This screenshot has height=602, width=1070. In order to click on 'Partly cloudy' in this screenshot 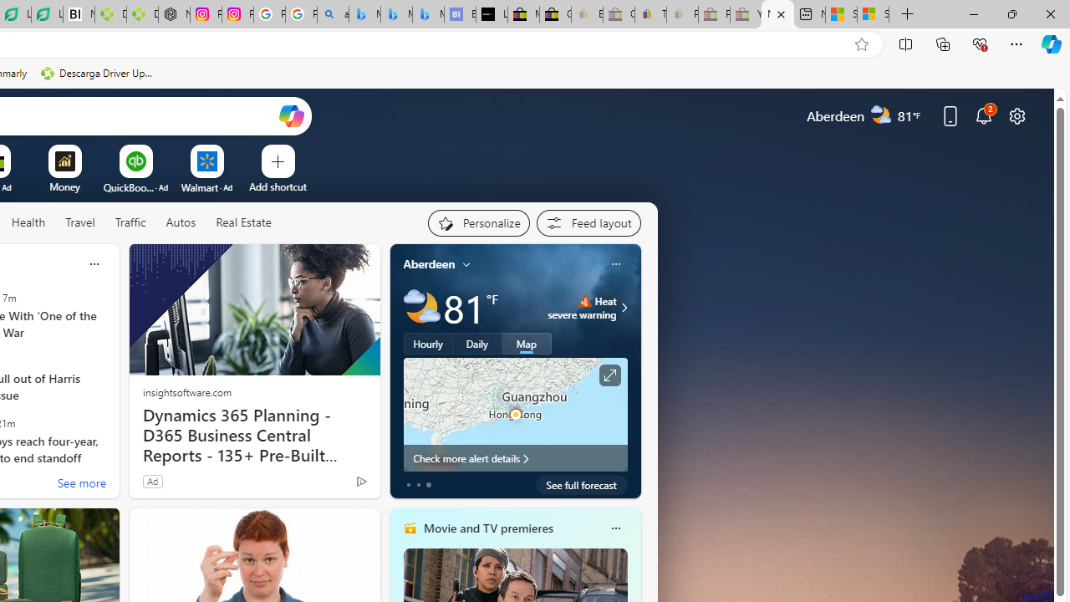, I will do `click(421, 308)`.